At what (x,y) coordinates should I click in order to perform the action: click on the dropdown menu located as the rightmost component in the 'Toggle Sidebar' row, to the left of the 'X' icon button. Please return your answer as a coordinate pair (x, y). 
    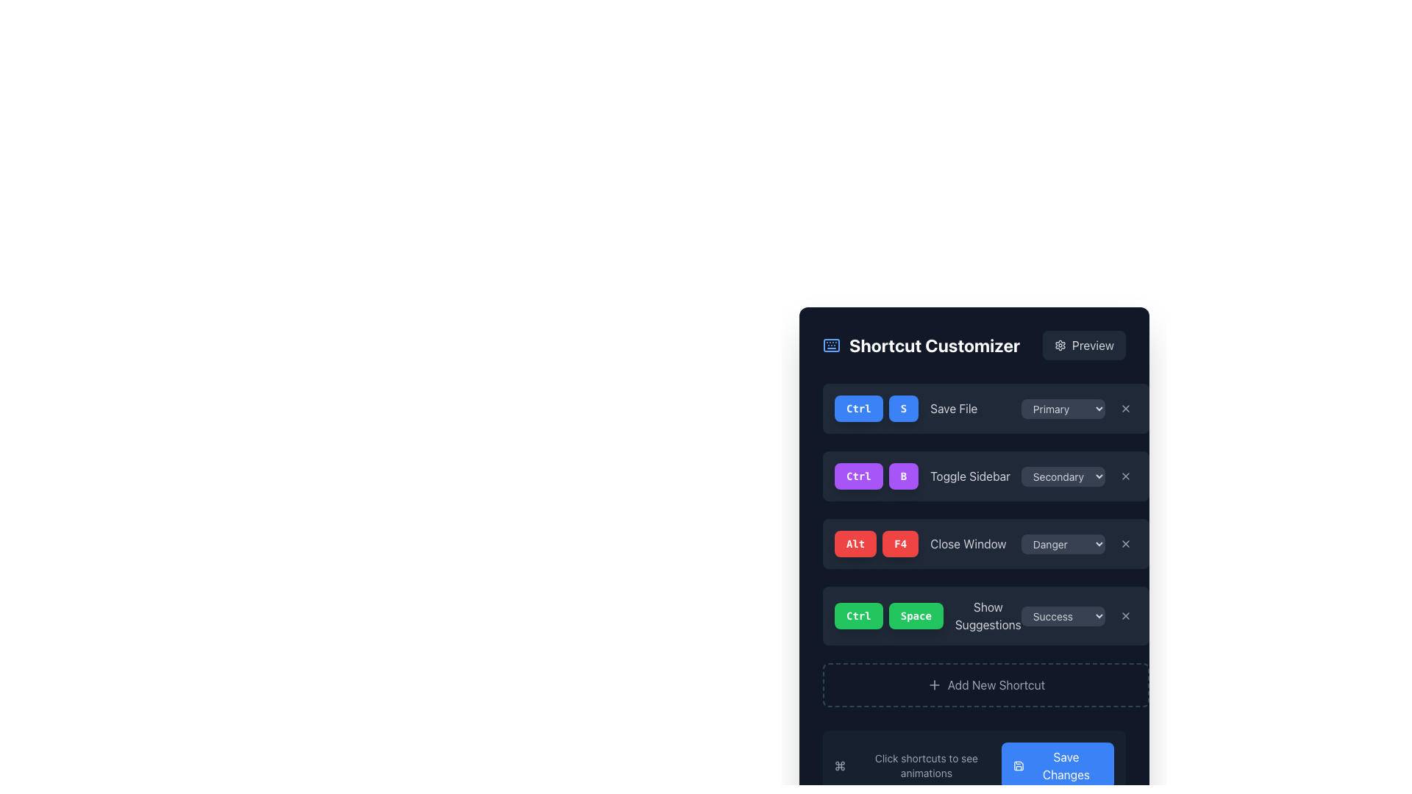
    Looking at the image, I should click on (1079, 476).